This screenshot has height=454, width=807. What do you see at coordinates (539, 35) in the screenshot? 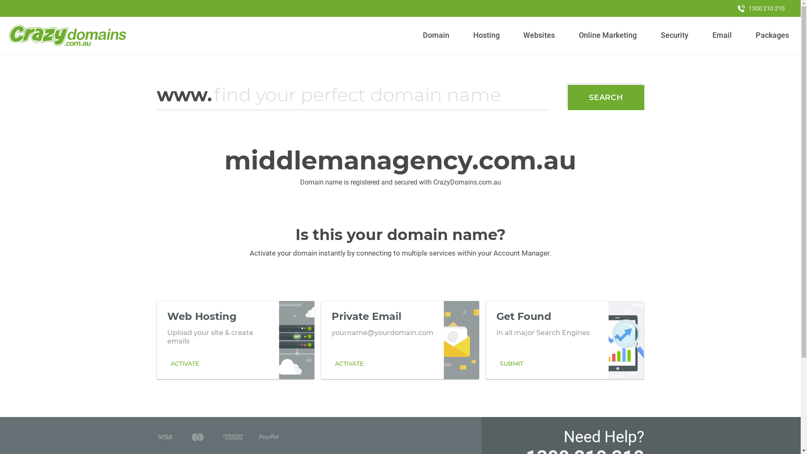
I see `'Websites'` at bounding box center [539, 35].